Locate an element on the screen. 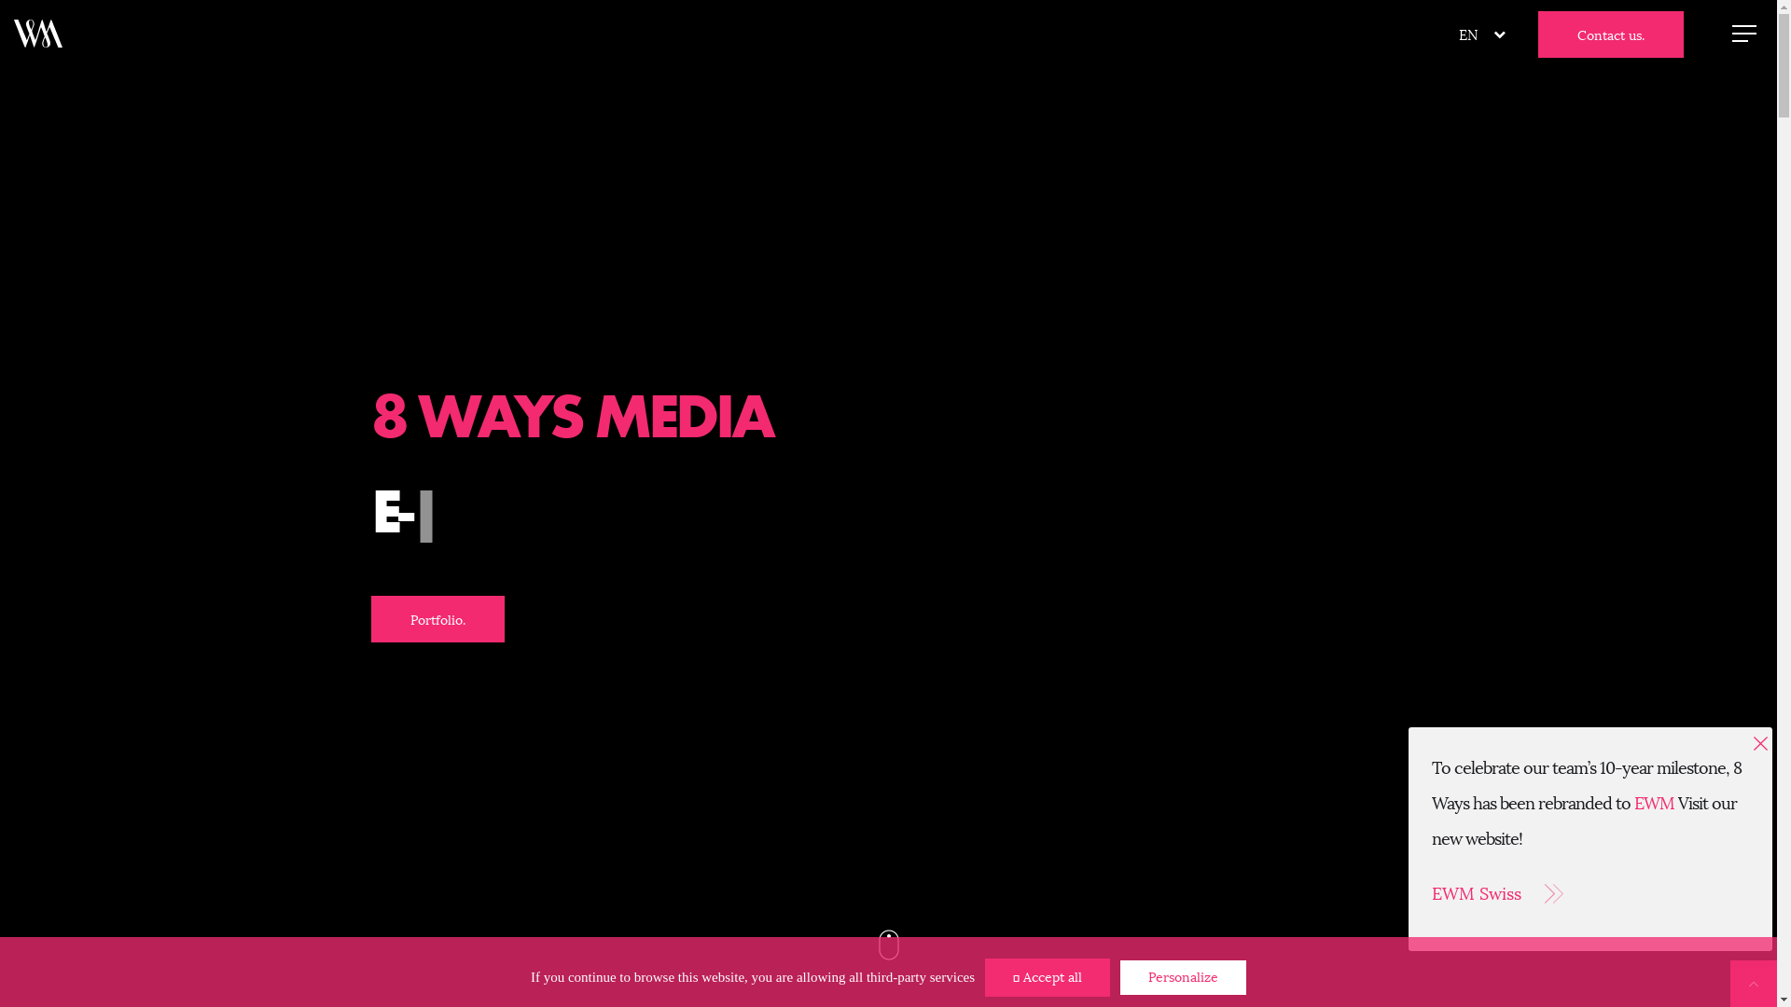 The image size is (1791, 1007). '8 Ways Media' is located at coordinates (38, 32).